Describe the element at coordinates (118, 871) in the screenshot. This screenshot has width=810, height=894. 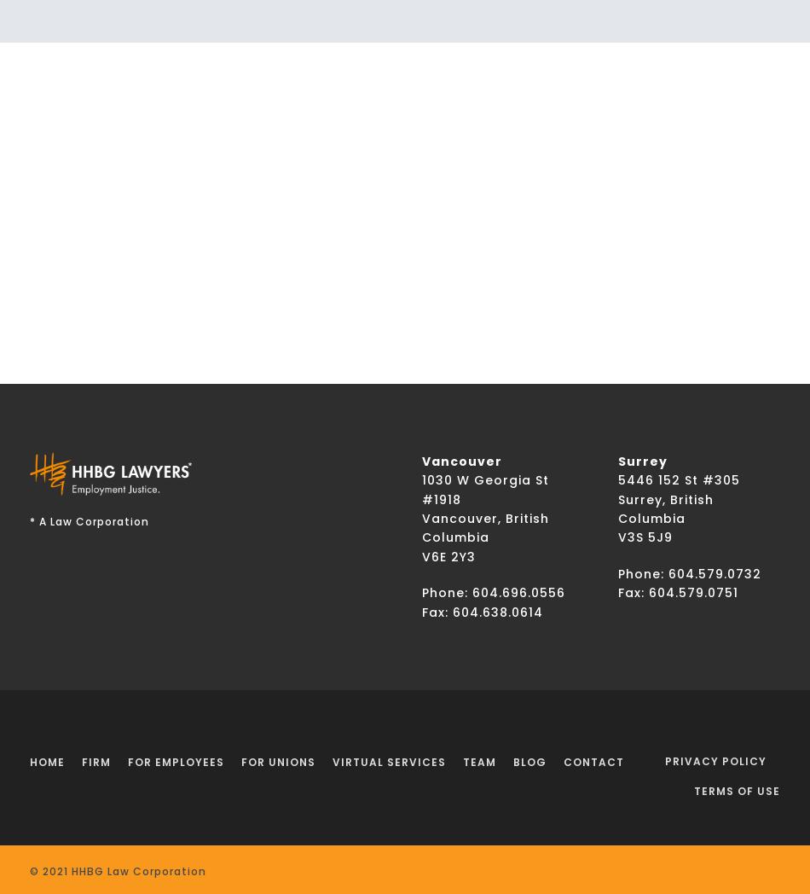
I see `'© 2021 HHBG Law Corporation'` at that location.